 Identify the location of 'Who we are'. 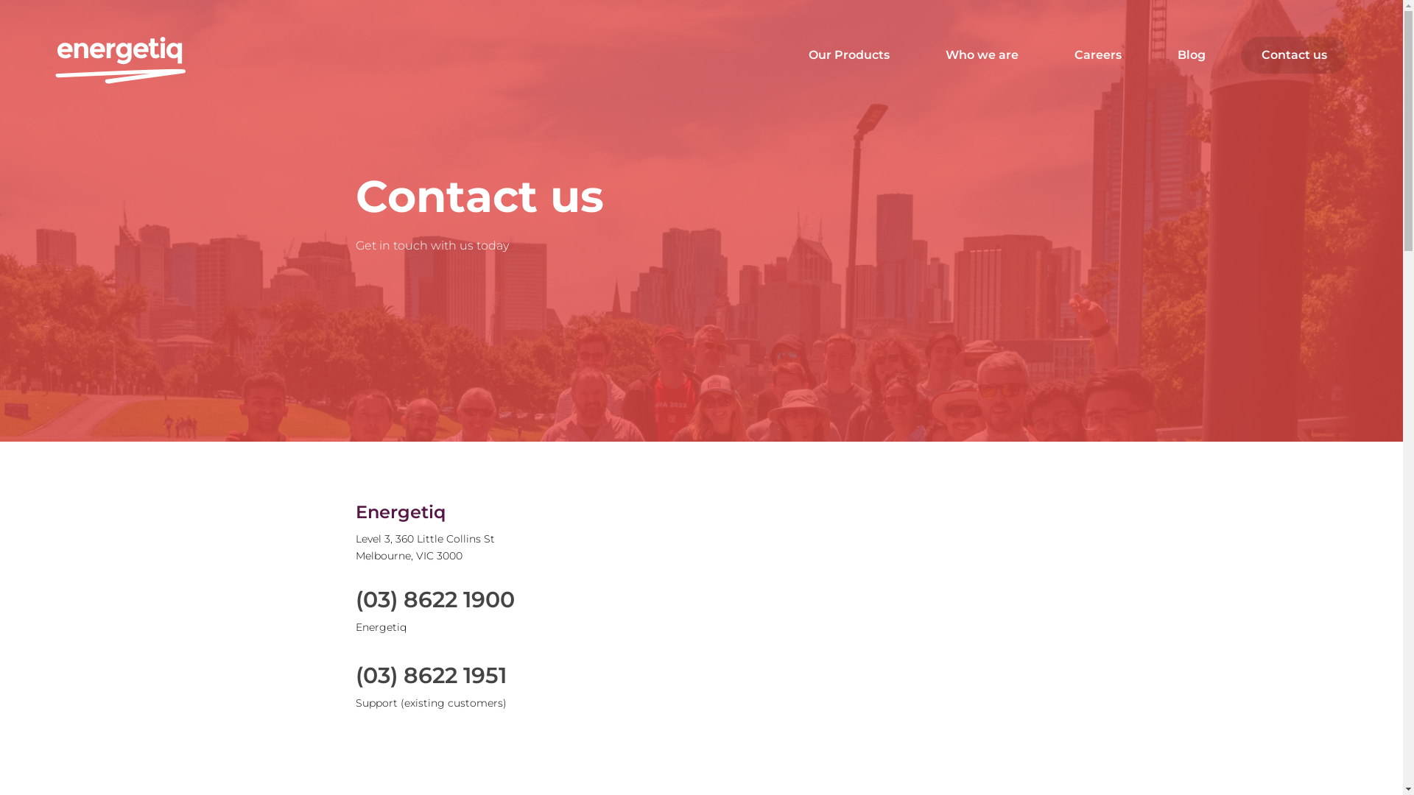
(982, 54).